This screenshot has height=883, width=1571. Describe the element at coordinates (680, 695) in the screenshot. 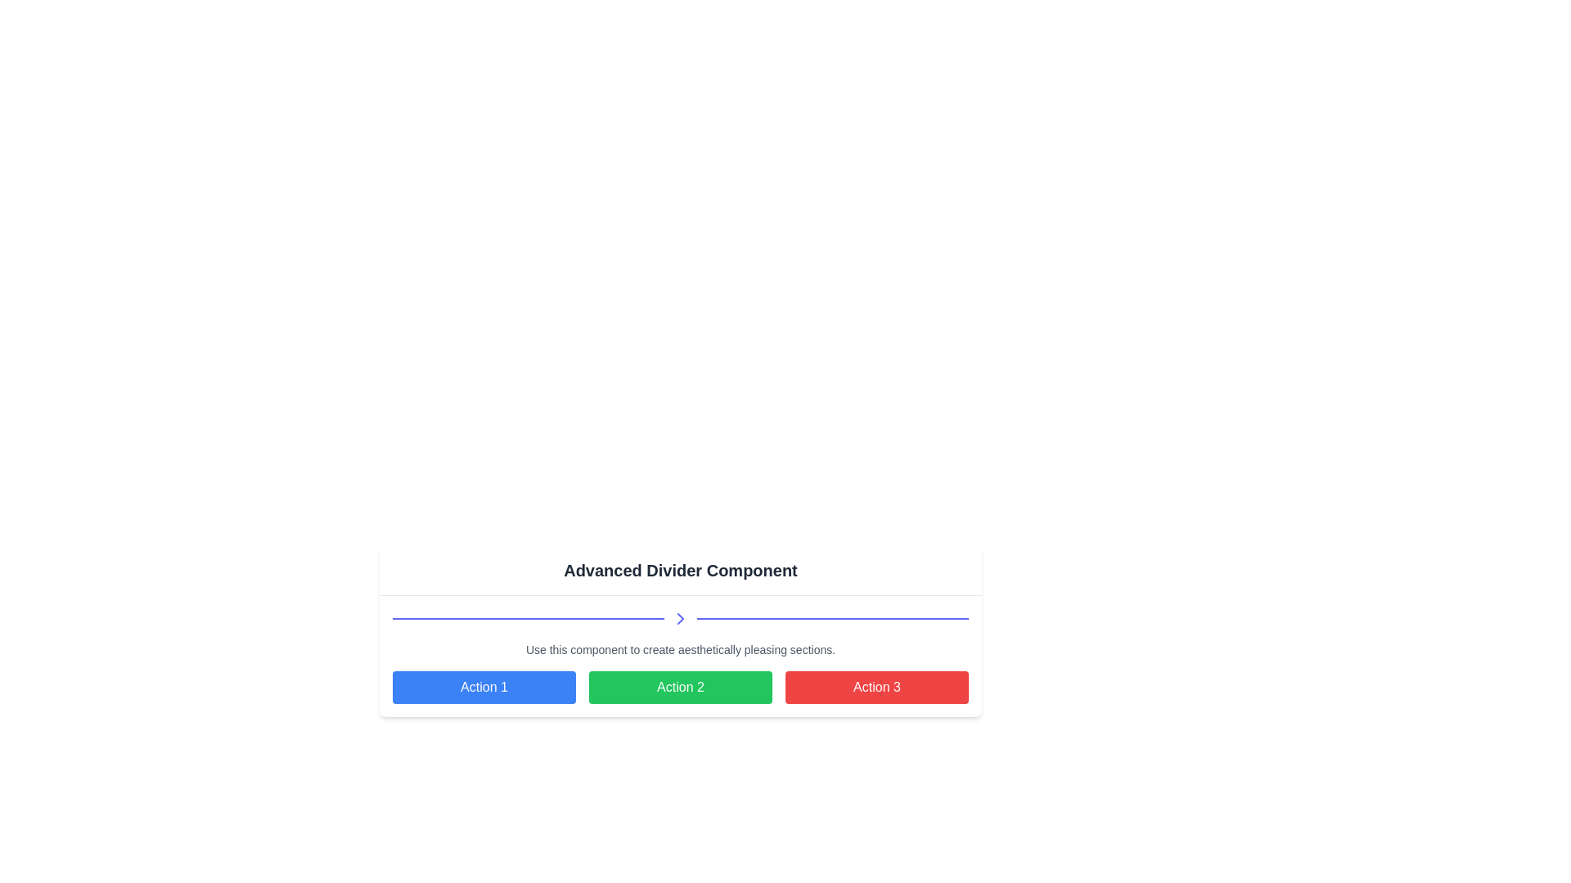

I see `the middle button in the 'Advanced Divider Component'` at that location.